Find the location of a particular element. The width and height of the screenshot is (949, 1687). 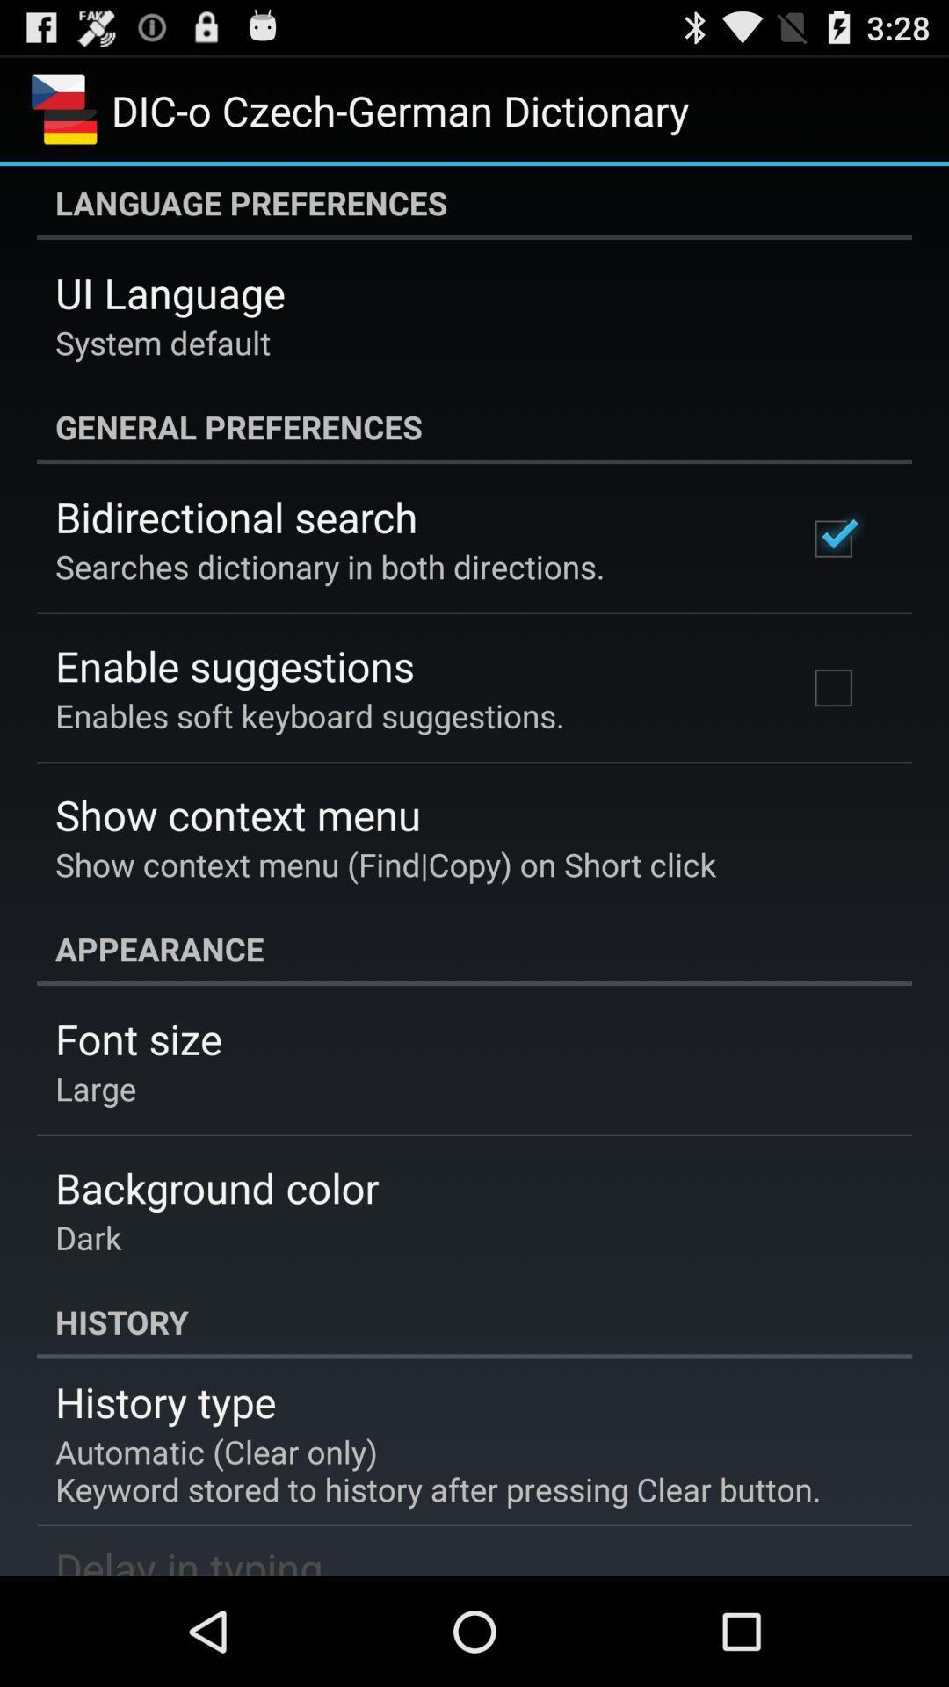

appearance icon is located at coordinates (474, 948).